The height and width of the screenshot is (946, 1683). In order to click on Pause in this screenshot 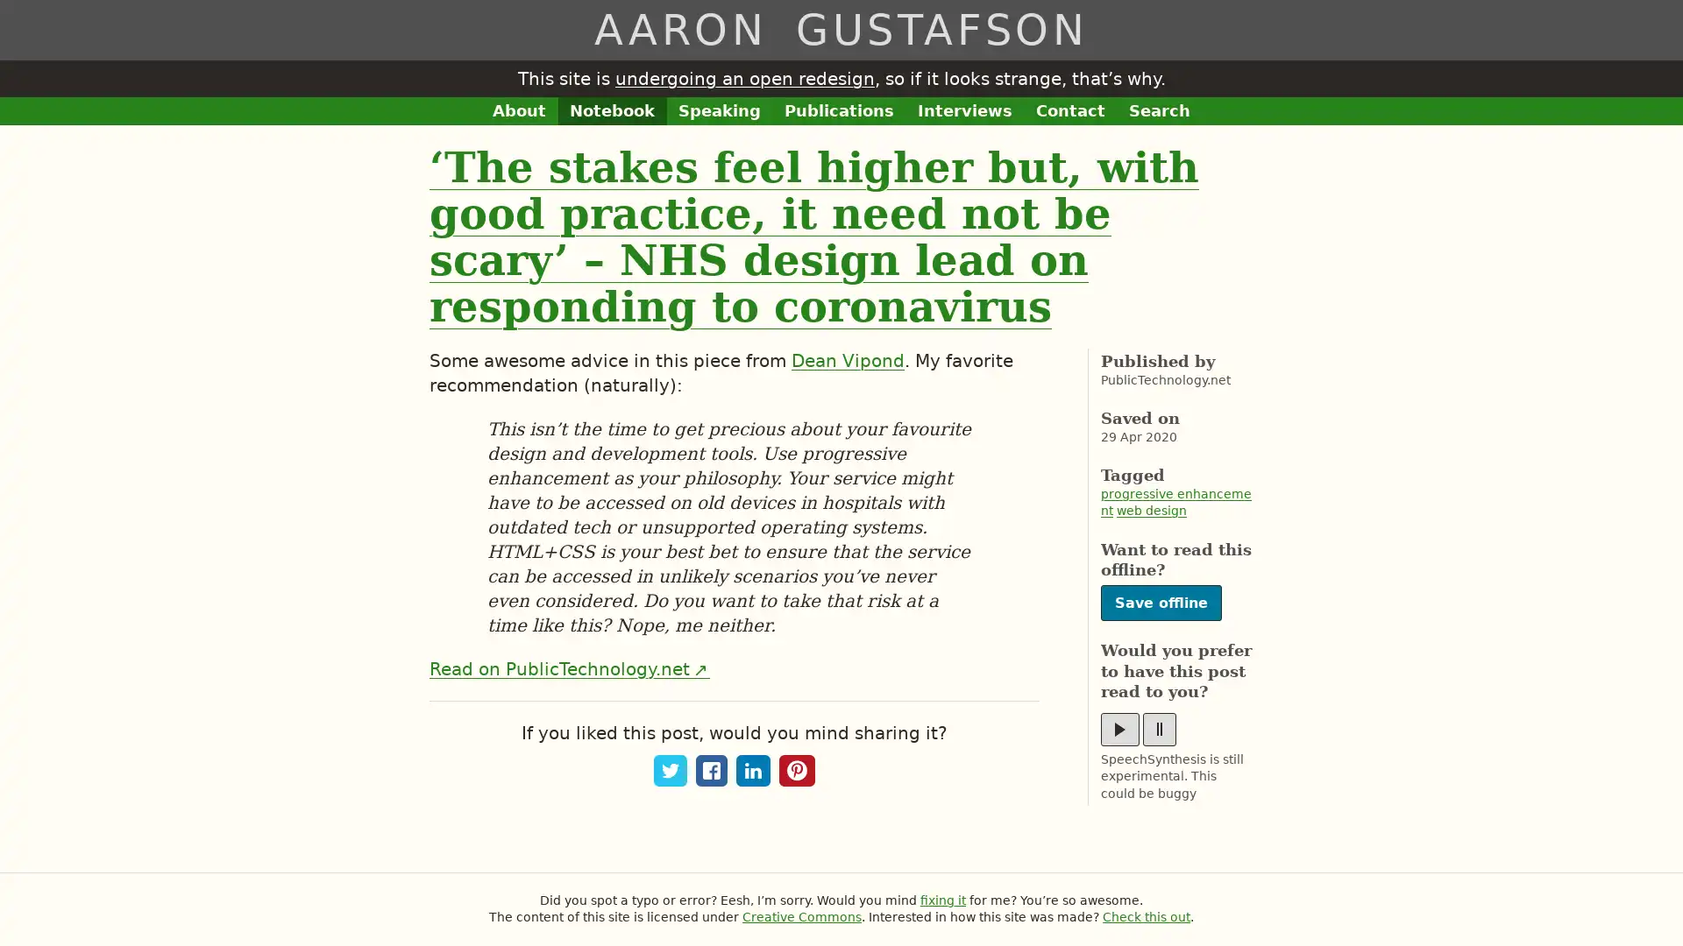, I will do `click(1160, 729)`.